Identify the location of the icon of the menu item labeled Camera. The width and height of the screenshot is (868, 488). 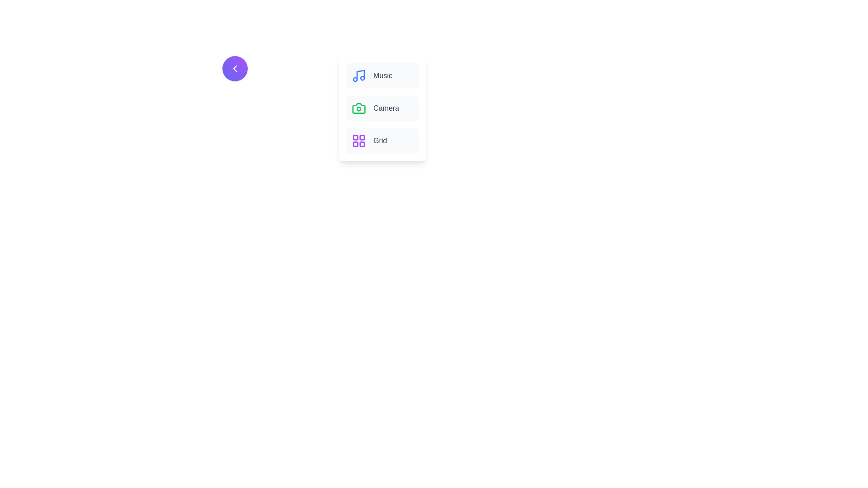
(358, 108).